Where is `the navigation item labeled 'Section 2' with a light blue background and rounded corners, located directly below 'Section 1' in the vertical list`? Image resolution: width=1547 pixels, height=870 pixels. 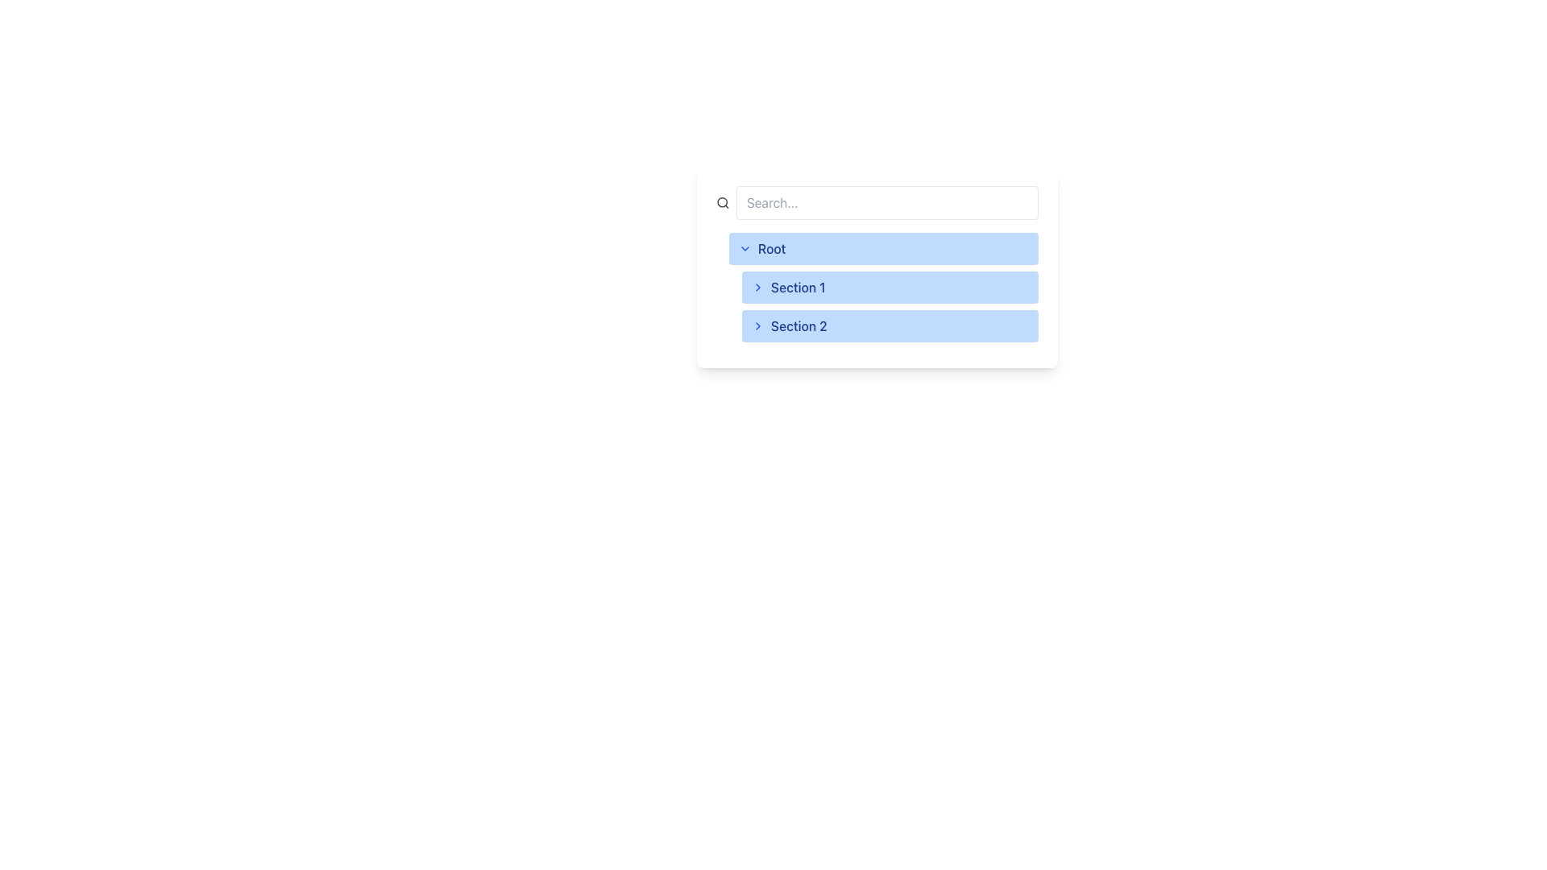
the navigation item labeled 'Section 2' with a light blue background and rounded corners, located directly below 'Section 1' in the vertical list is located at coordinates (889, 326).